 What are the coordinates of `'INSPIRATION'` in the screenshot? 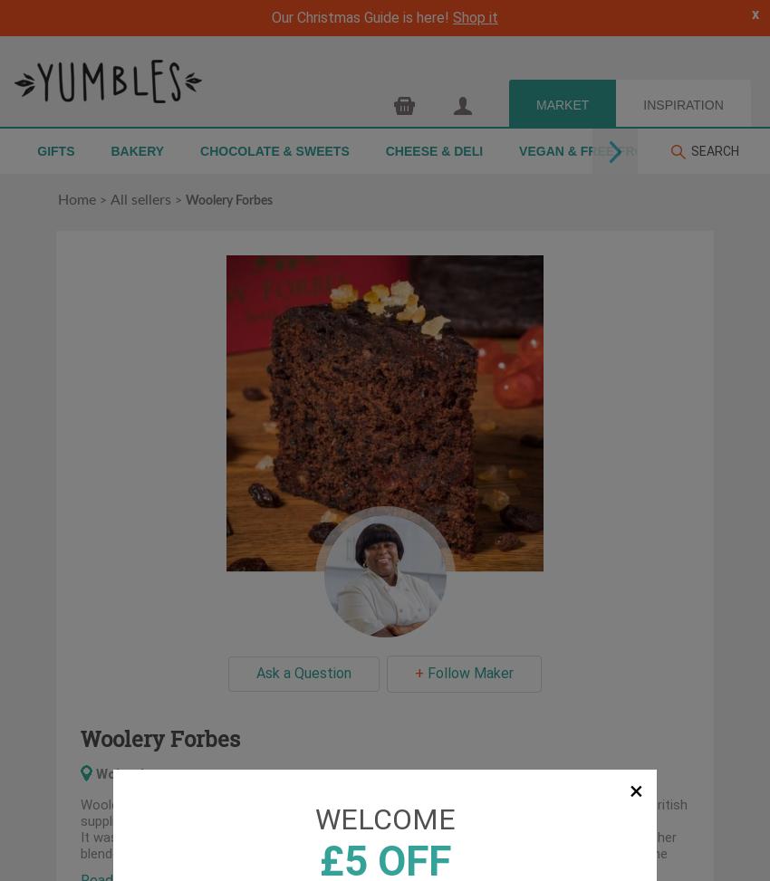 It's located at (642, 103).